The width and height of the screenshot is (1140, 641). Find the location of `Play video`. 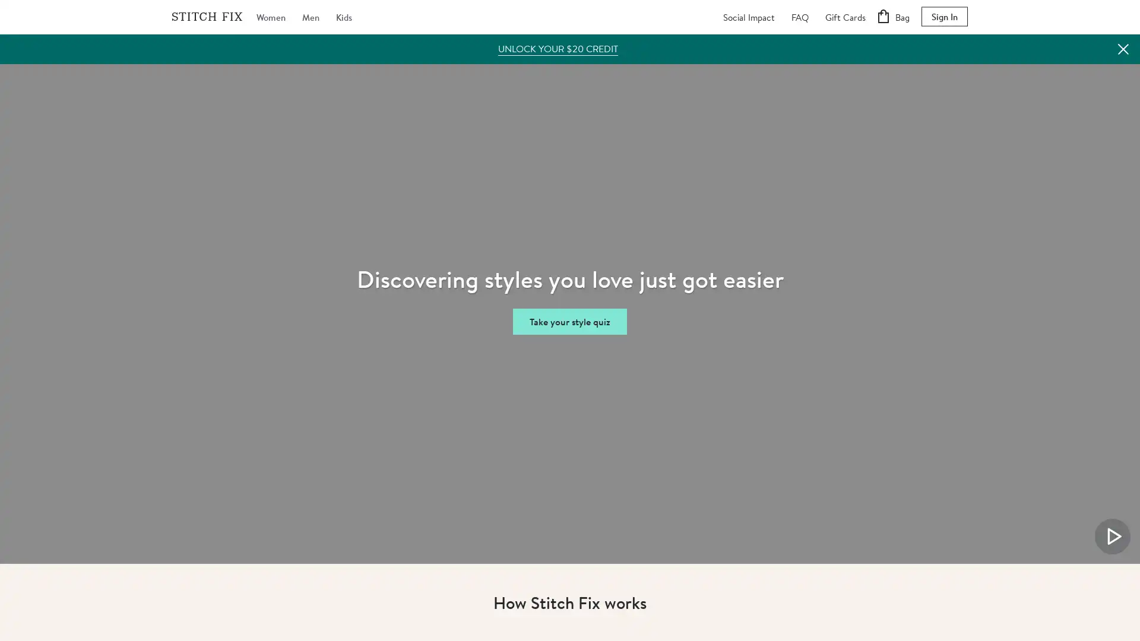

Play video is located at coordinates (1111, 535).